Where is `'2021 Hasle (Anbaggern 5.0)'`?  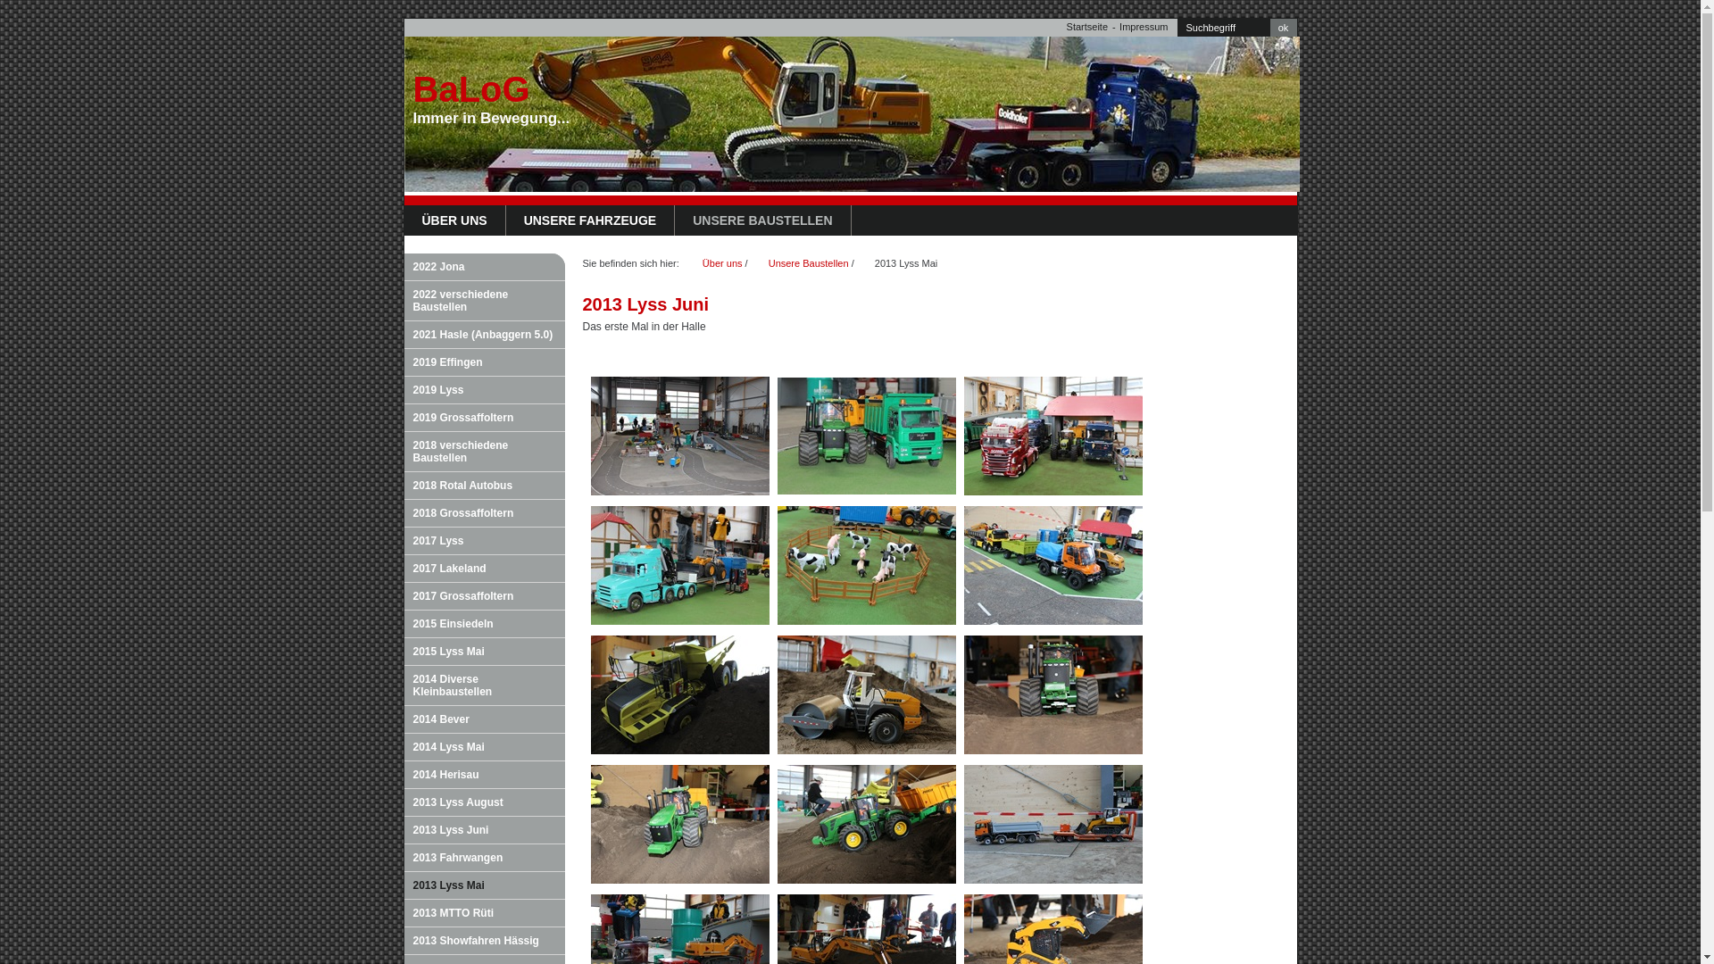 '2021 Hasle (Anbaggern 5.0)' is located at coordinates (484, 335).